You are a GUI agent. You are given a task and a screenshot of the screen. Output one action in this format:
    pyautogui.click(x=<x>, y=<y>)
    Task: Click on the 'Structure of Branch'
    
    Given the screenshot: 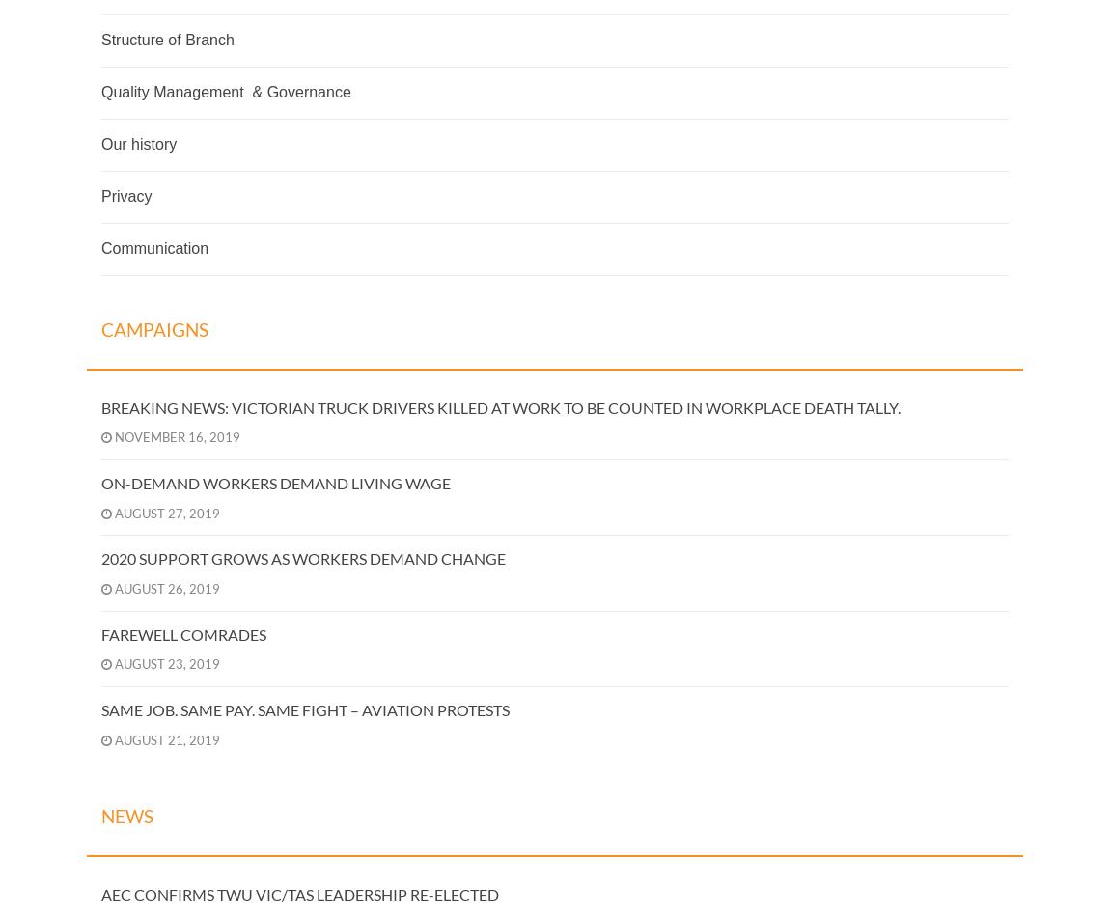 What is the action you would take?
    pyautogui.click(x=166, y=40)
    